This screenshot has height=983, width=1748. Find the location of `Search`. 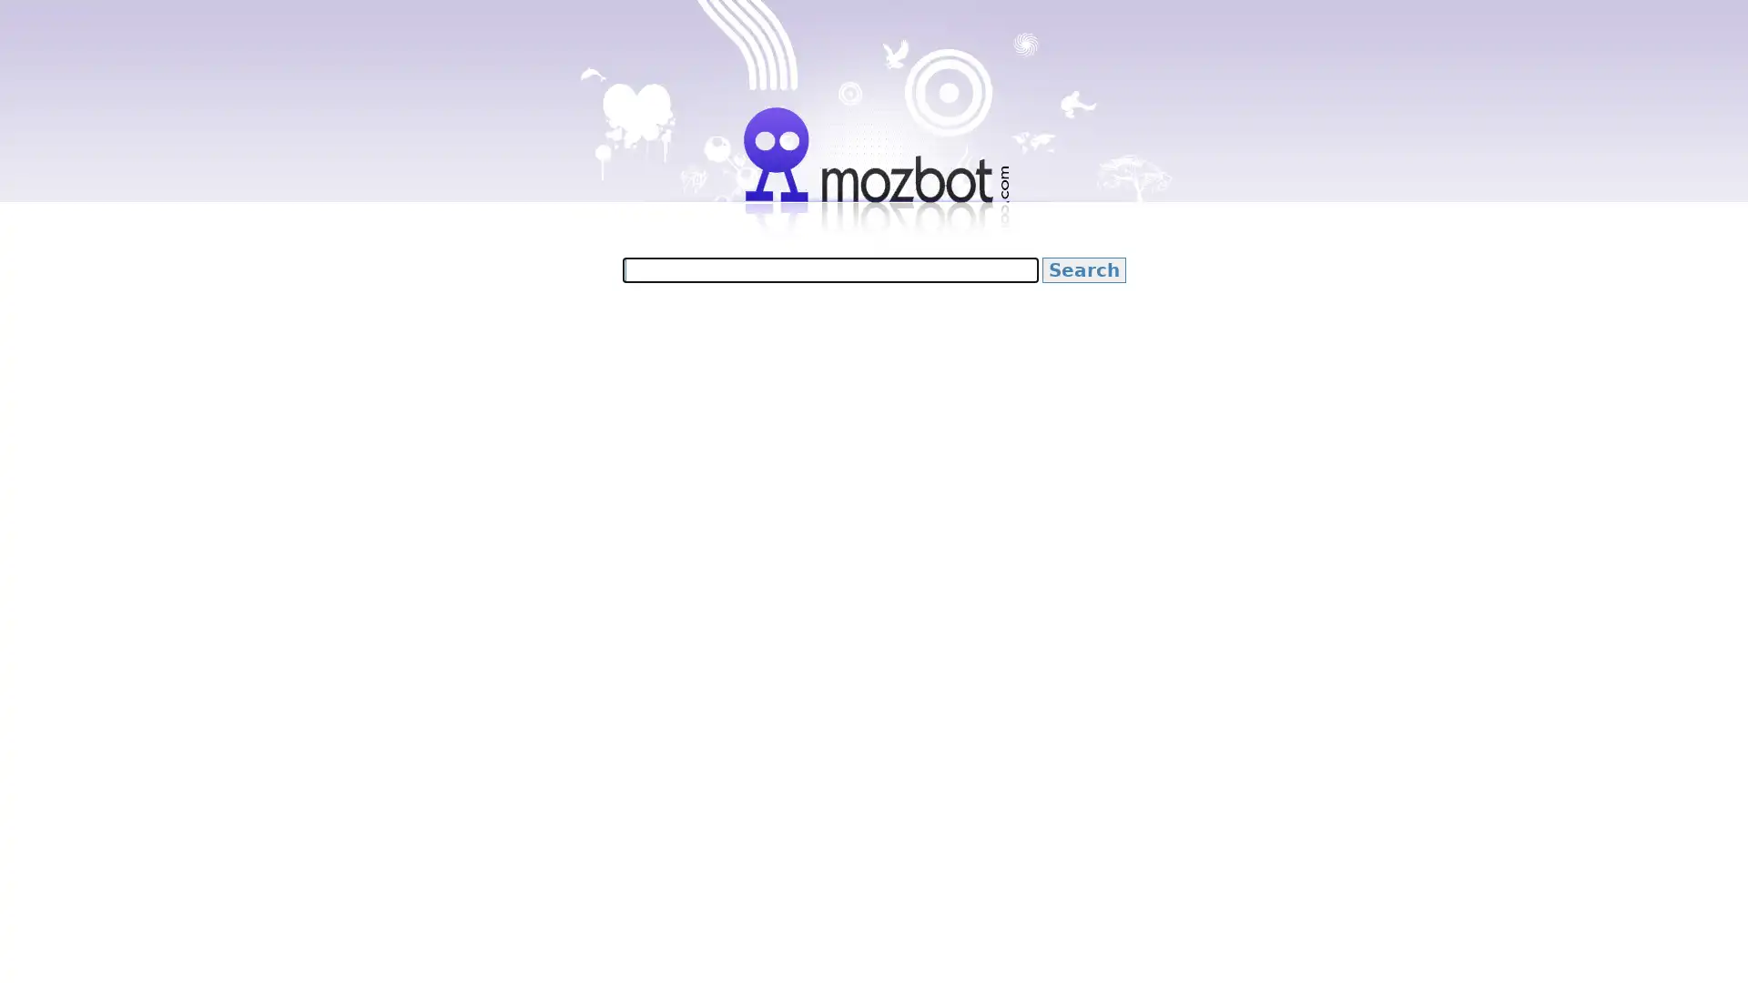

Search is located at coordinates (1083, 270).